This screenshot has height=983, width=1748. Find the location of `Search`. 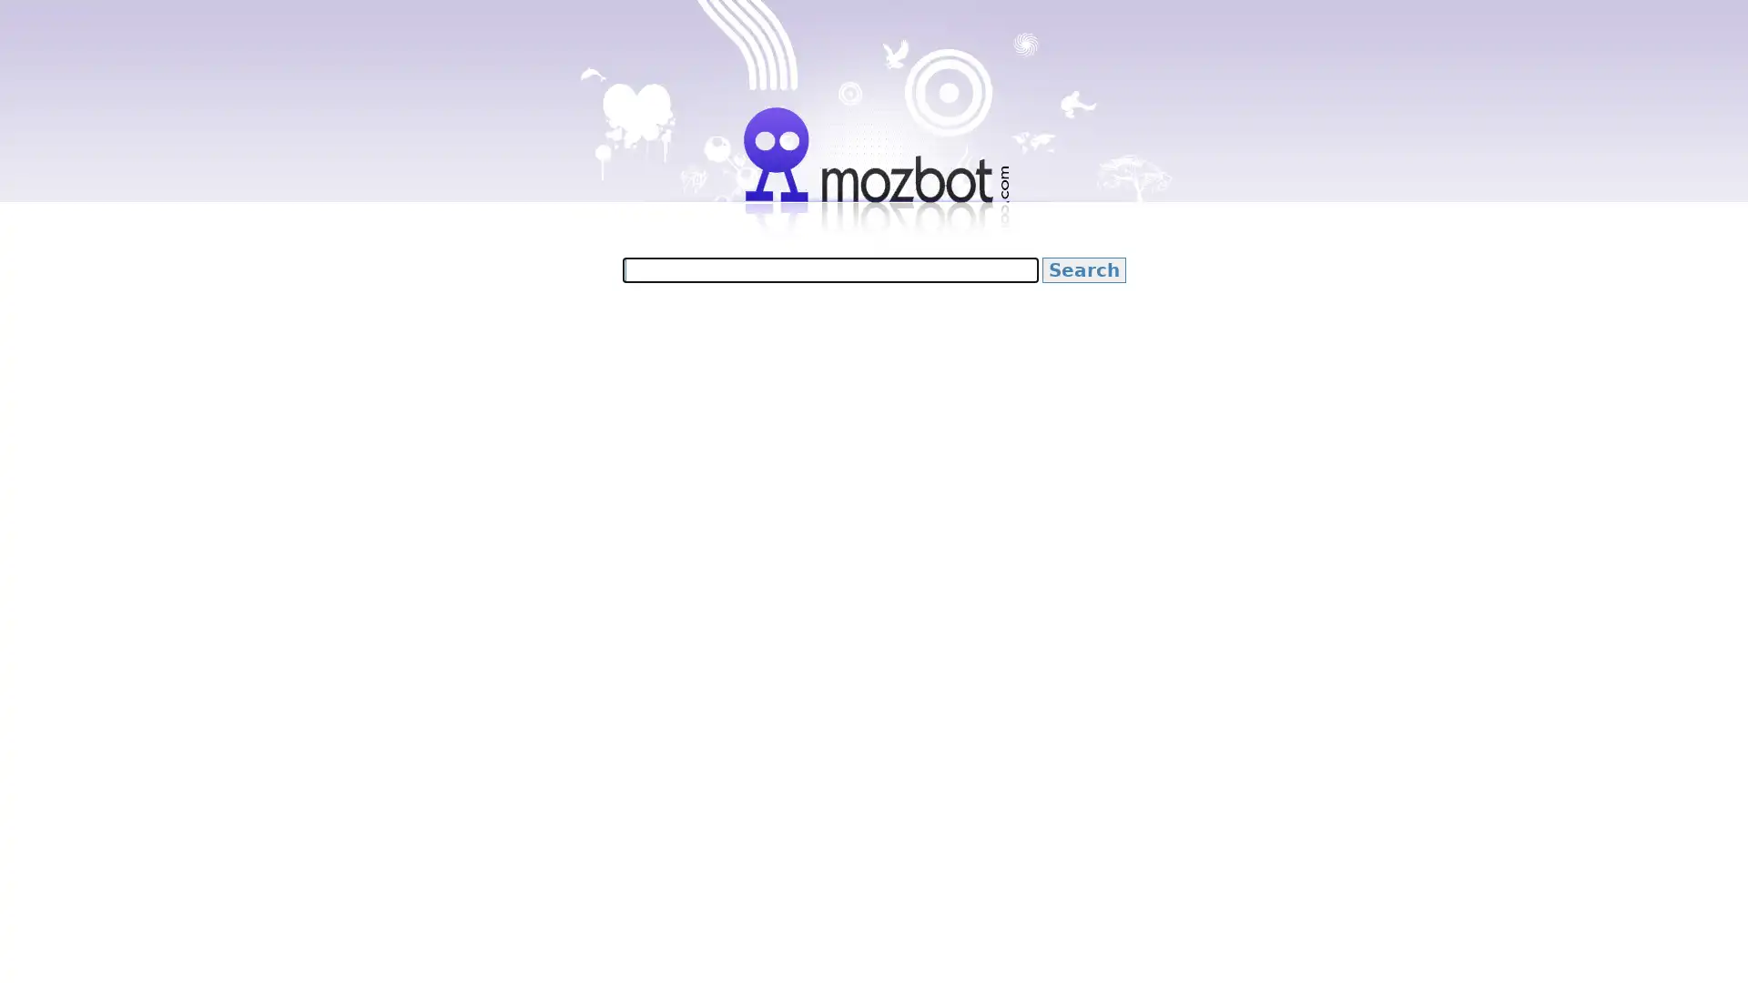

Search is located at coordinates (1083, 270).